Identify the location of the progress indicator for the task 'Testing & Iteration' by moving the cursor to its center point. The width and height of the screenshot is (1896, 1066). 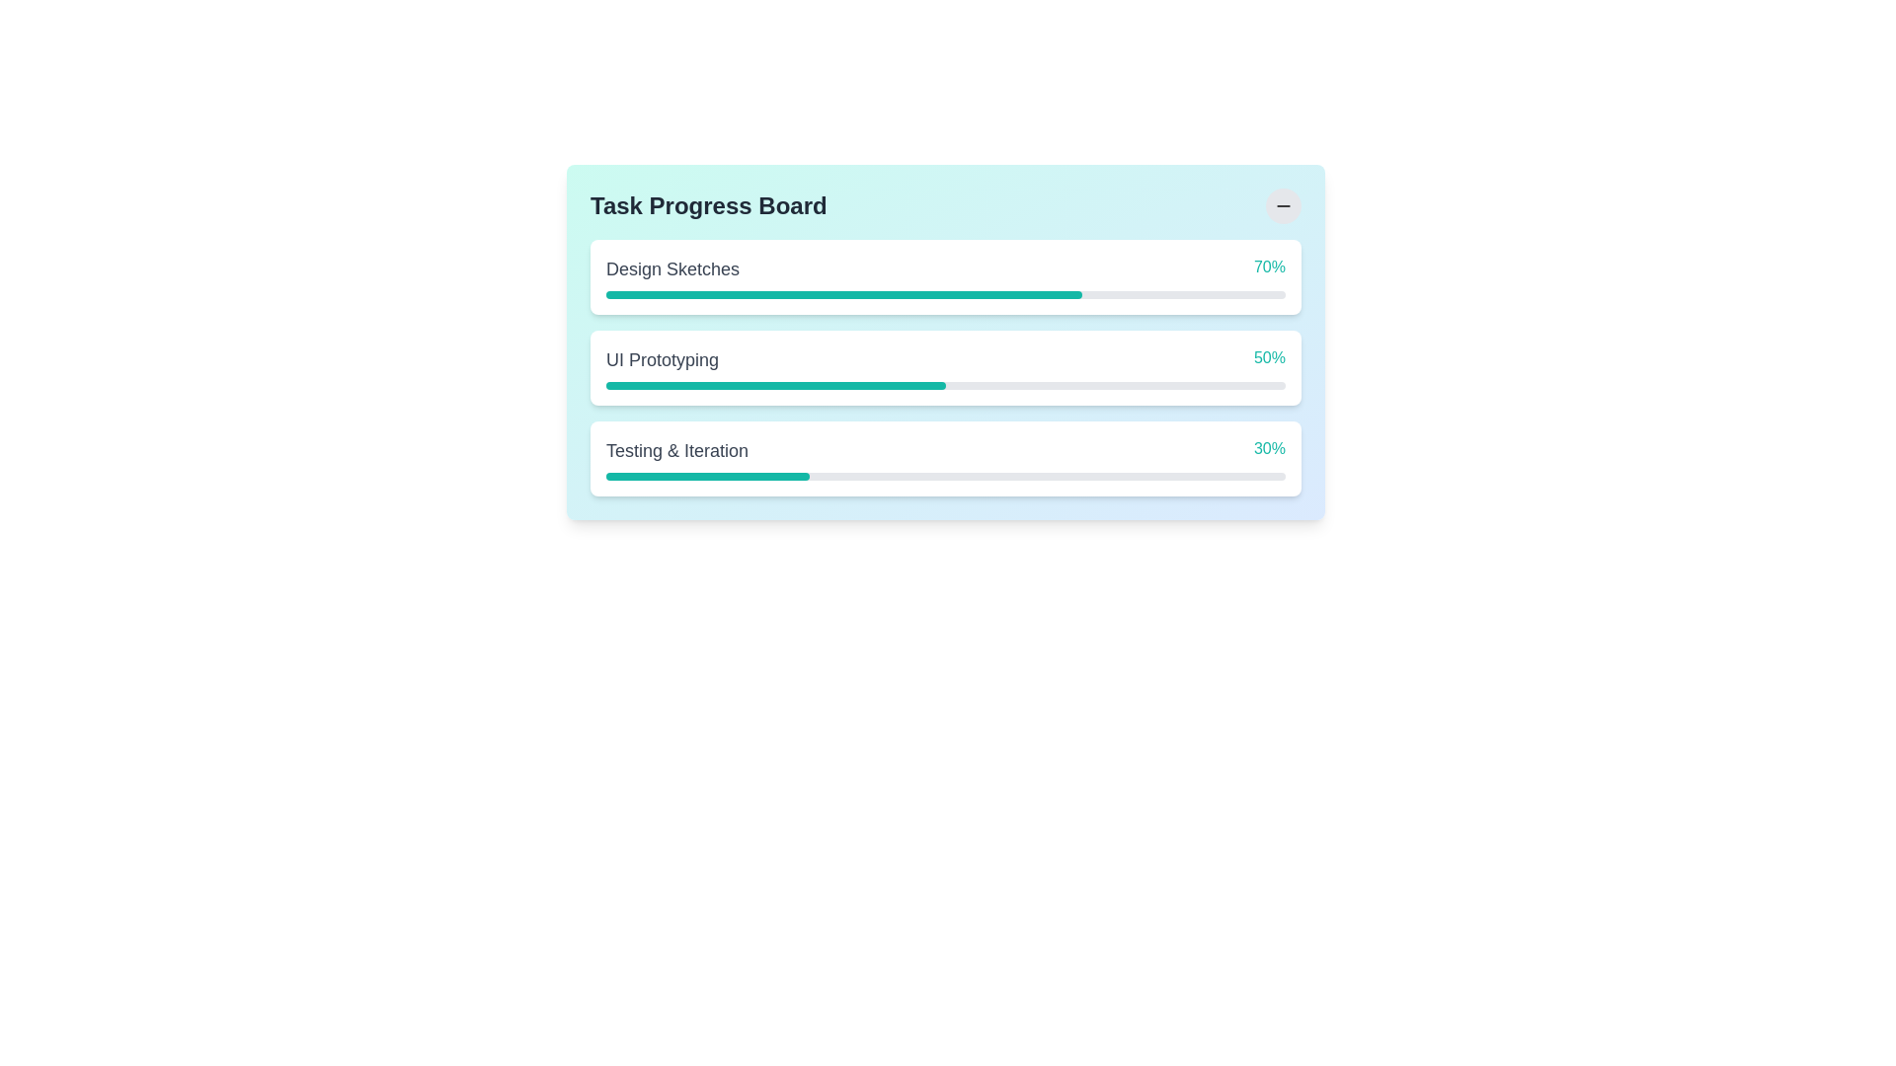
(945, 459).